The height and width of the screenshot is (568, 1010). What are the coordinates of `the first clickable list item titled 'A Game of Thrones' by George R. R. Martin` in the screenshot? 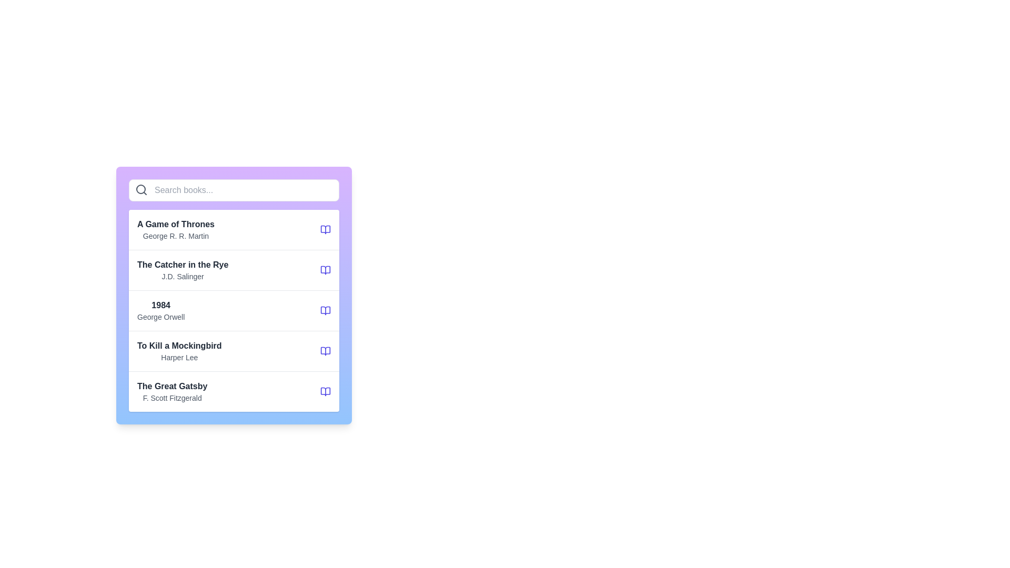 It's located at (234, 229).